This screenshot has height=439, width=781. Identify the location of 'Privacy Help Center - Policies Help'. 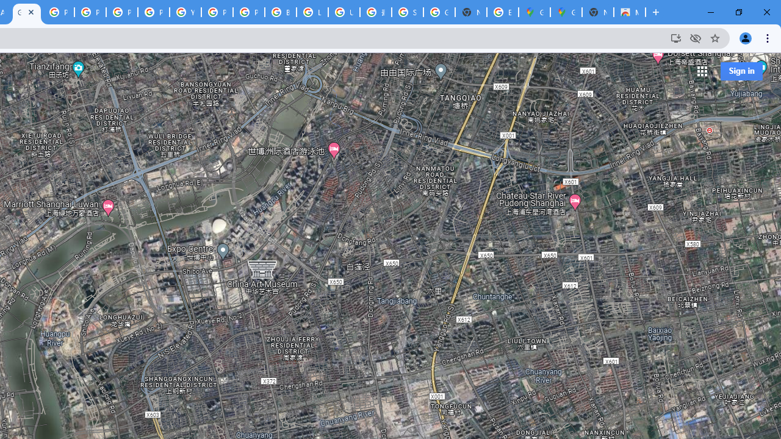
(89, 12).